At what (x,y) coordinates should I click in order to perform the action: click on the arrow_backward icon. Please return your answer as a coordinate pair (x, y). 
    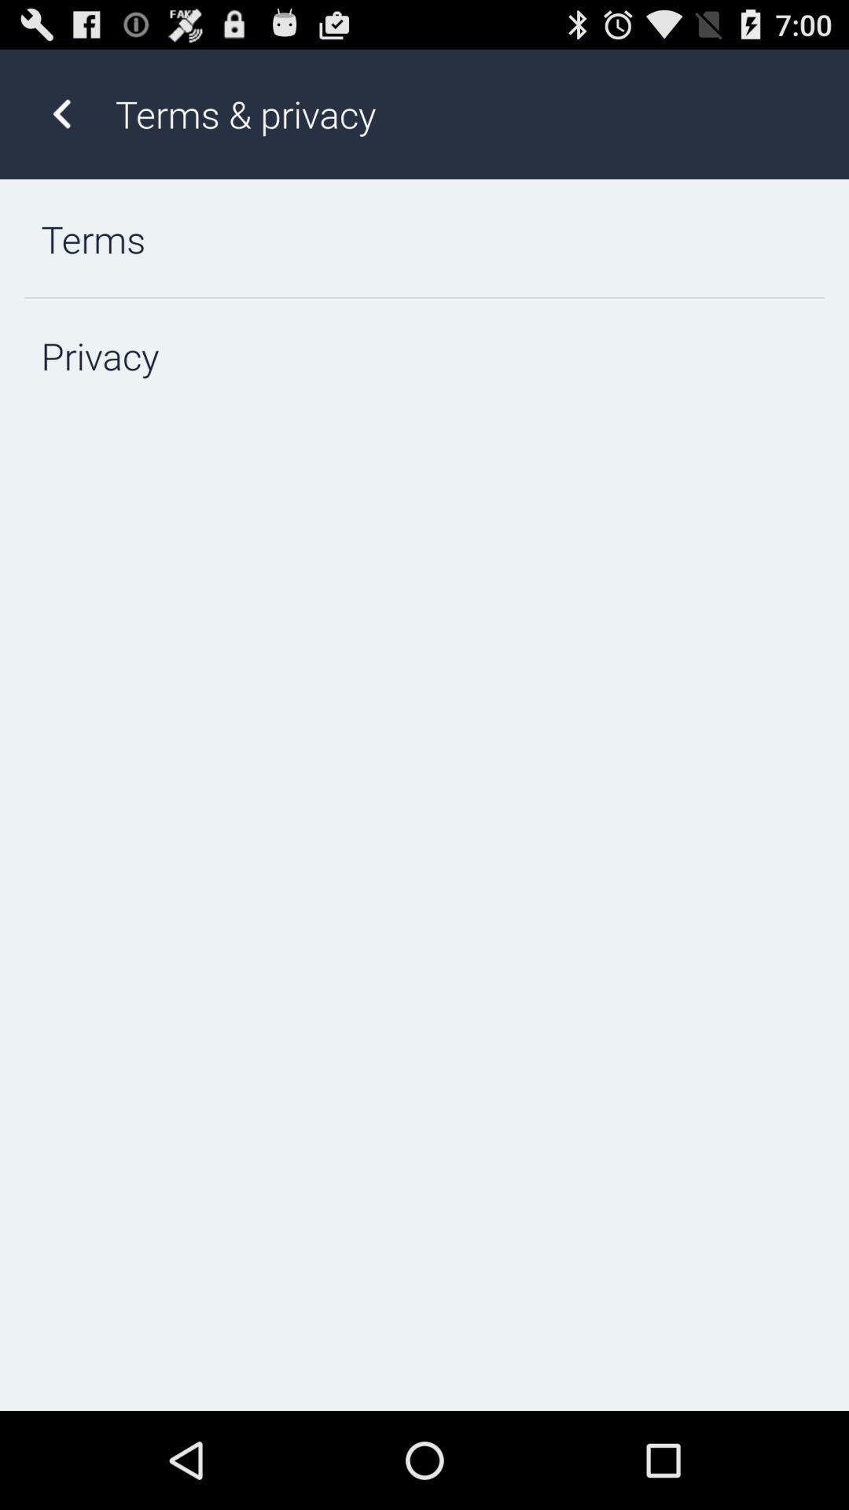
    Looking at the image, I should click on (61, 121).